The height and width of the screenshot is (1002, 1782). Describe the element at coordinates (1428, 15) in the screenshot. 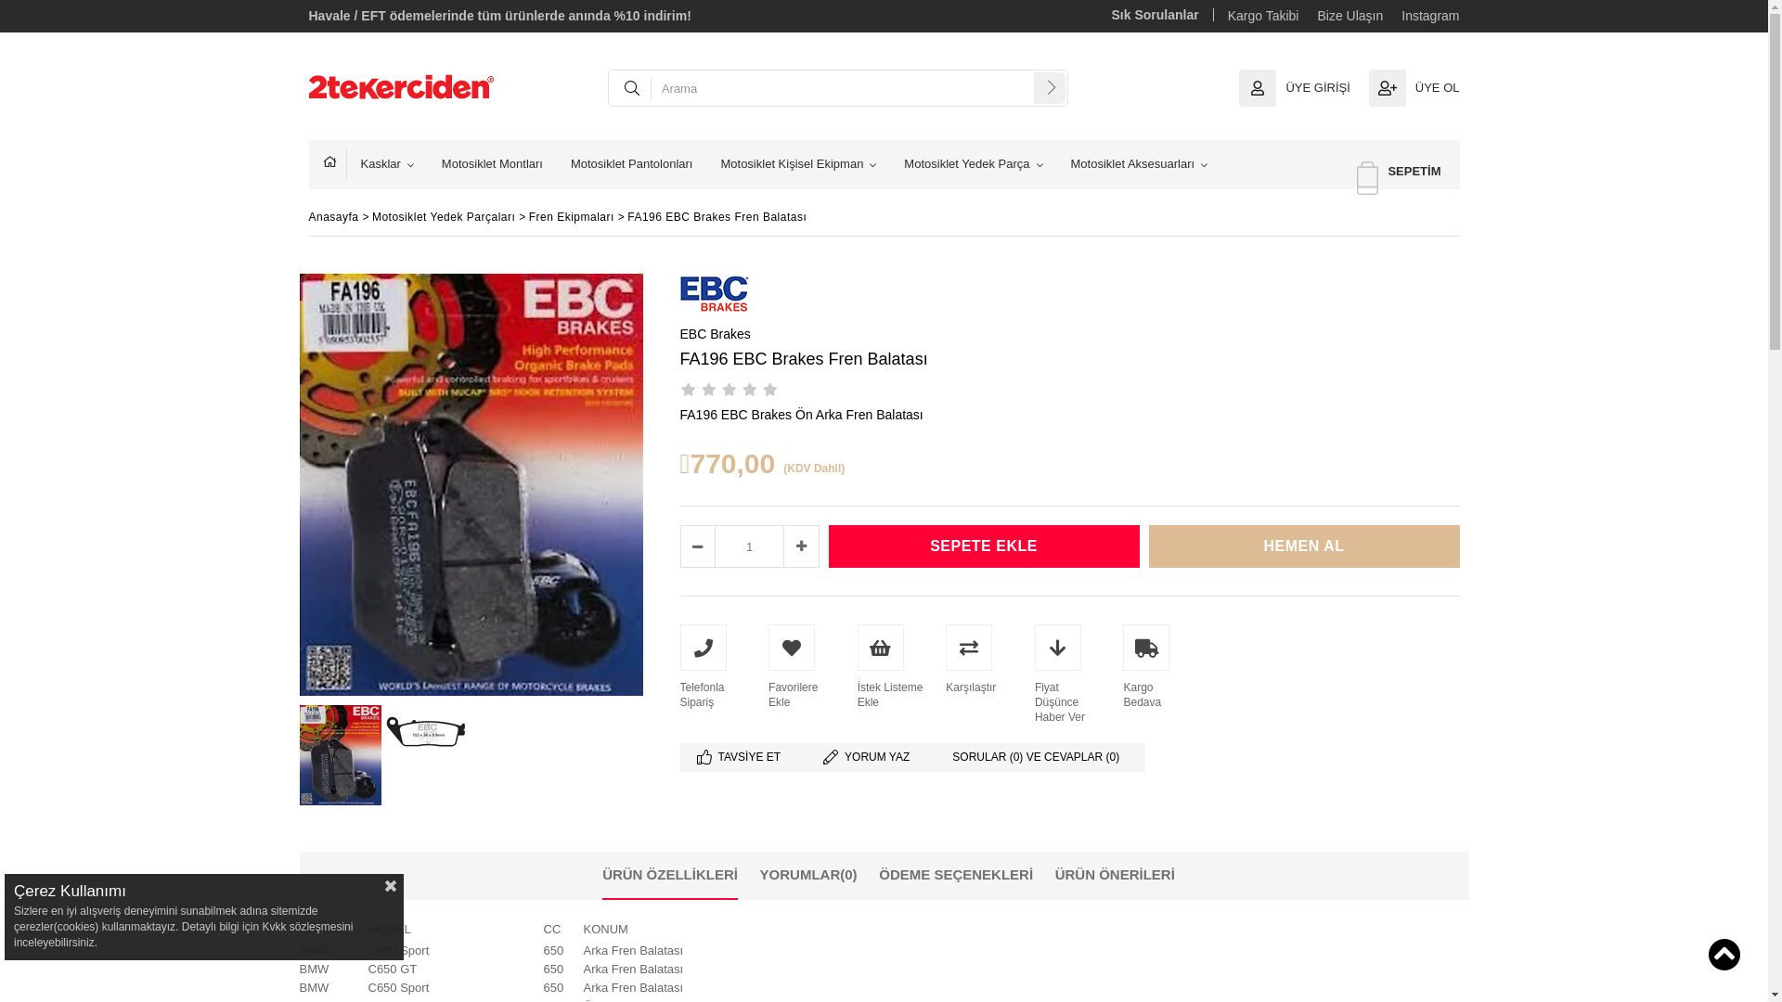

I see `'Instagram'` at that location.